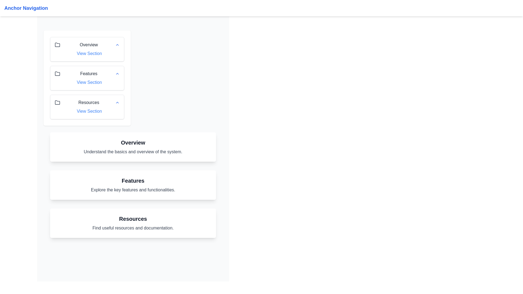 The height and width of the screenshot is (294, 523). Describe the element at coordinates (117, 73) in the screenshot. I see `the small blue upward-pointing chevron icon located adjacent to the 'Features' text label in the vertical navigation list` at that location.